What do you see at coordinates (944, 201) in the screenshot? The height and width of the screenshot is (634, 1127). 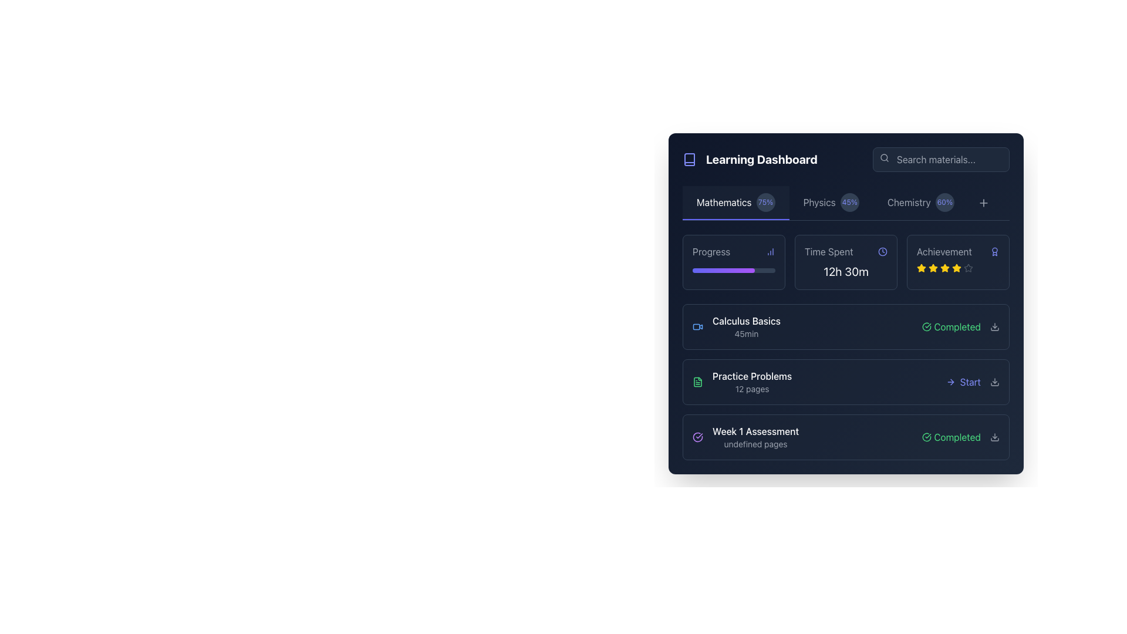 I see `the Badge or Label indicating the user's progress related to 'Chemistry', located in the top bar area to the right of the 'Chemistry' label` at bounding box center [944, 201].